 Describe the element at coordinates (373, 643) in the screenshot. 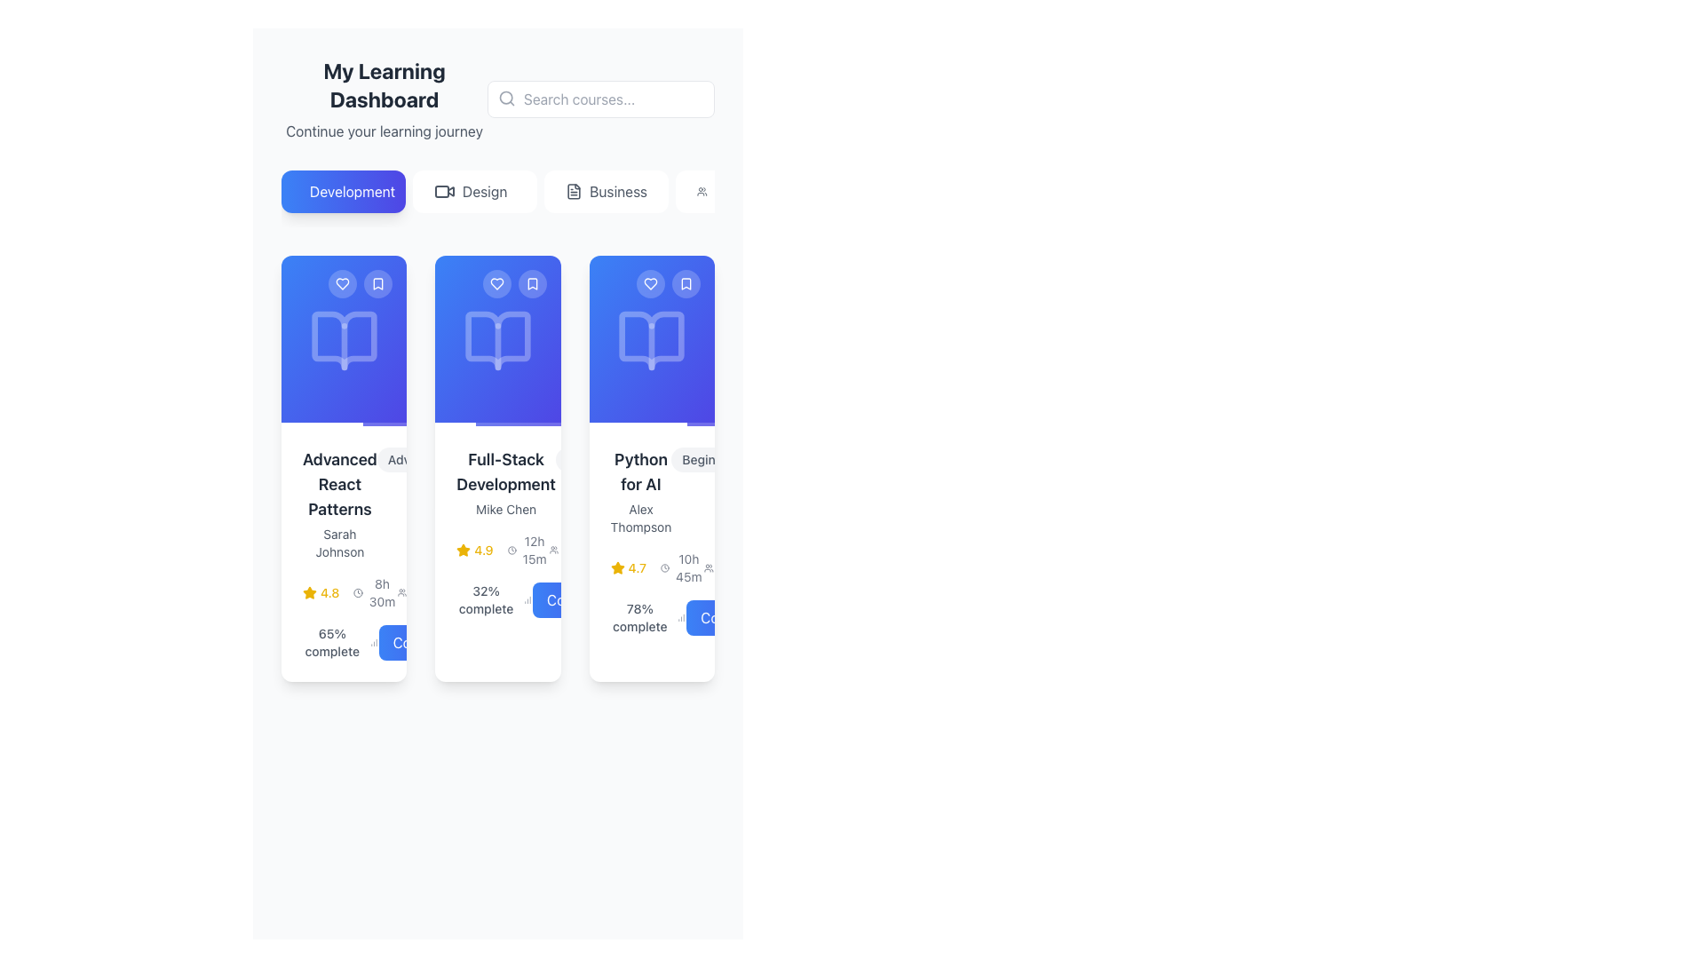

I see `the progress icon located next to the text '65% complete.'` at that location.